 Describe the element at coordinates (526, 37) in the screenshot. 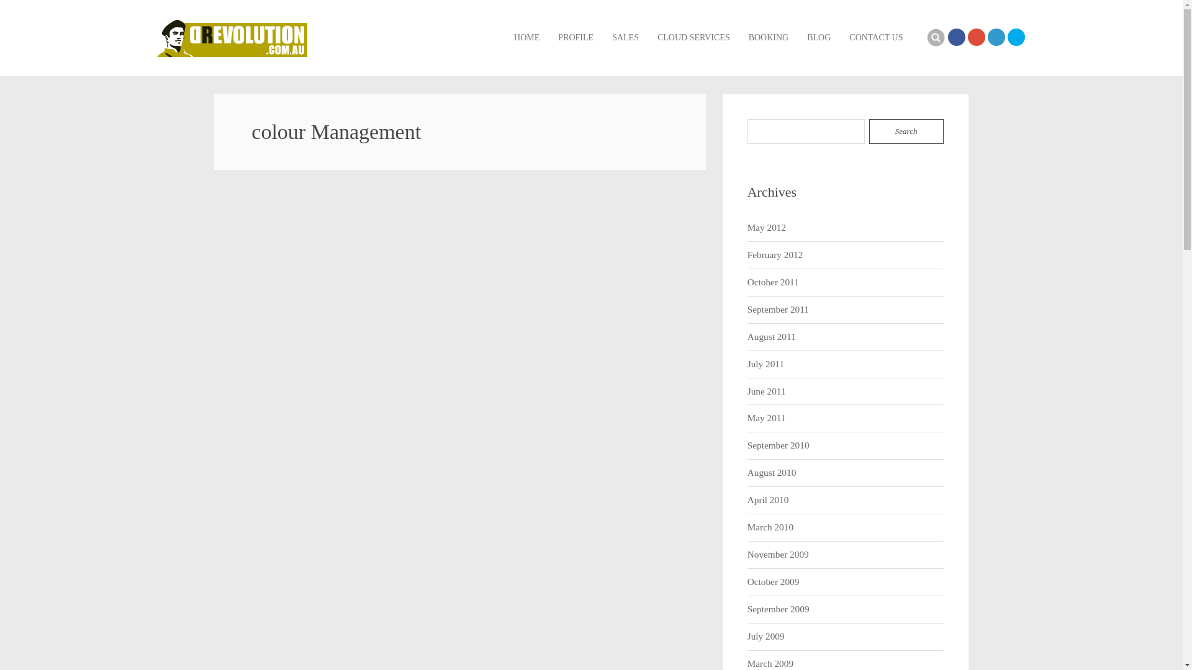

I see `'HOME'` at that location.